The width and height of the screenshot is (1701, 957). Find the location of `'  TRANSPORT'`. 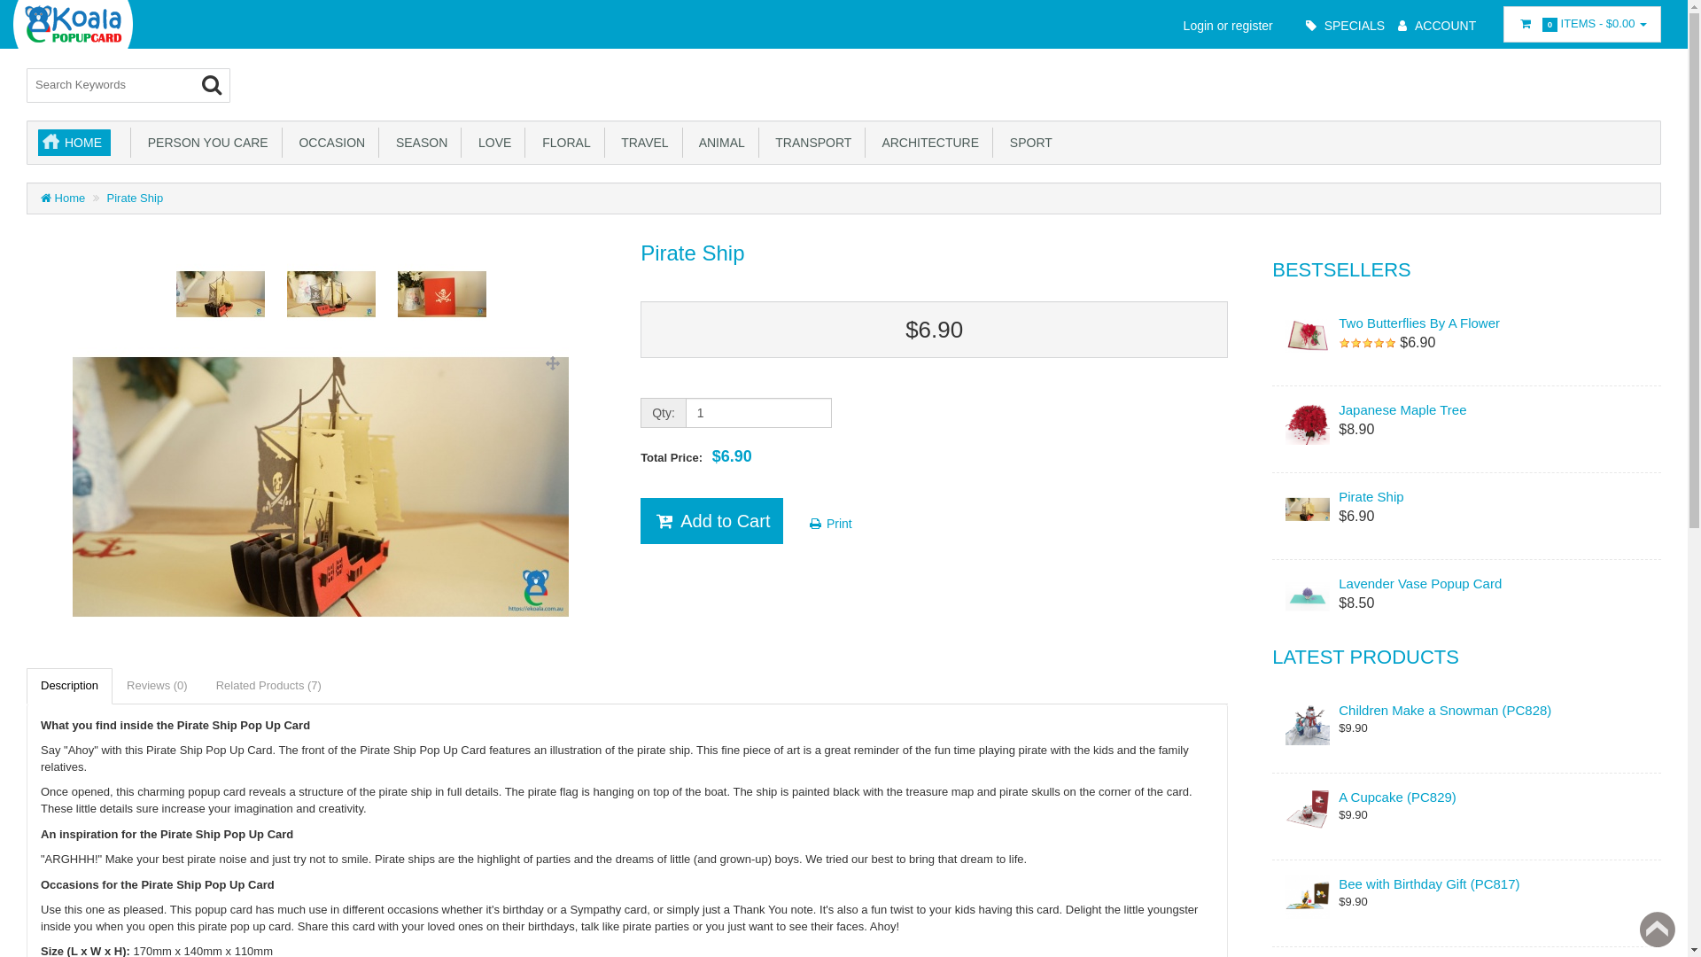

'  TRANSPORT' is located at coordinates (812, 142).